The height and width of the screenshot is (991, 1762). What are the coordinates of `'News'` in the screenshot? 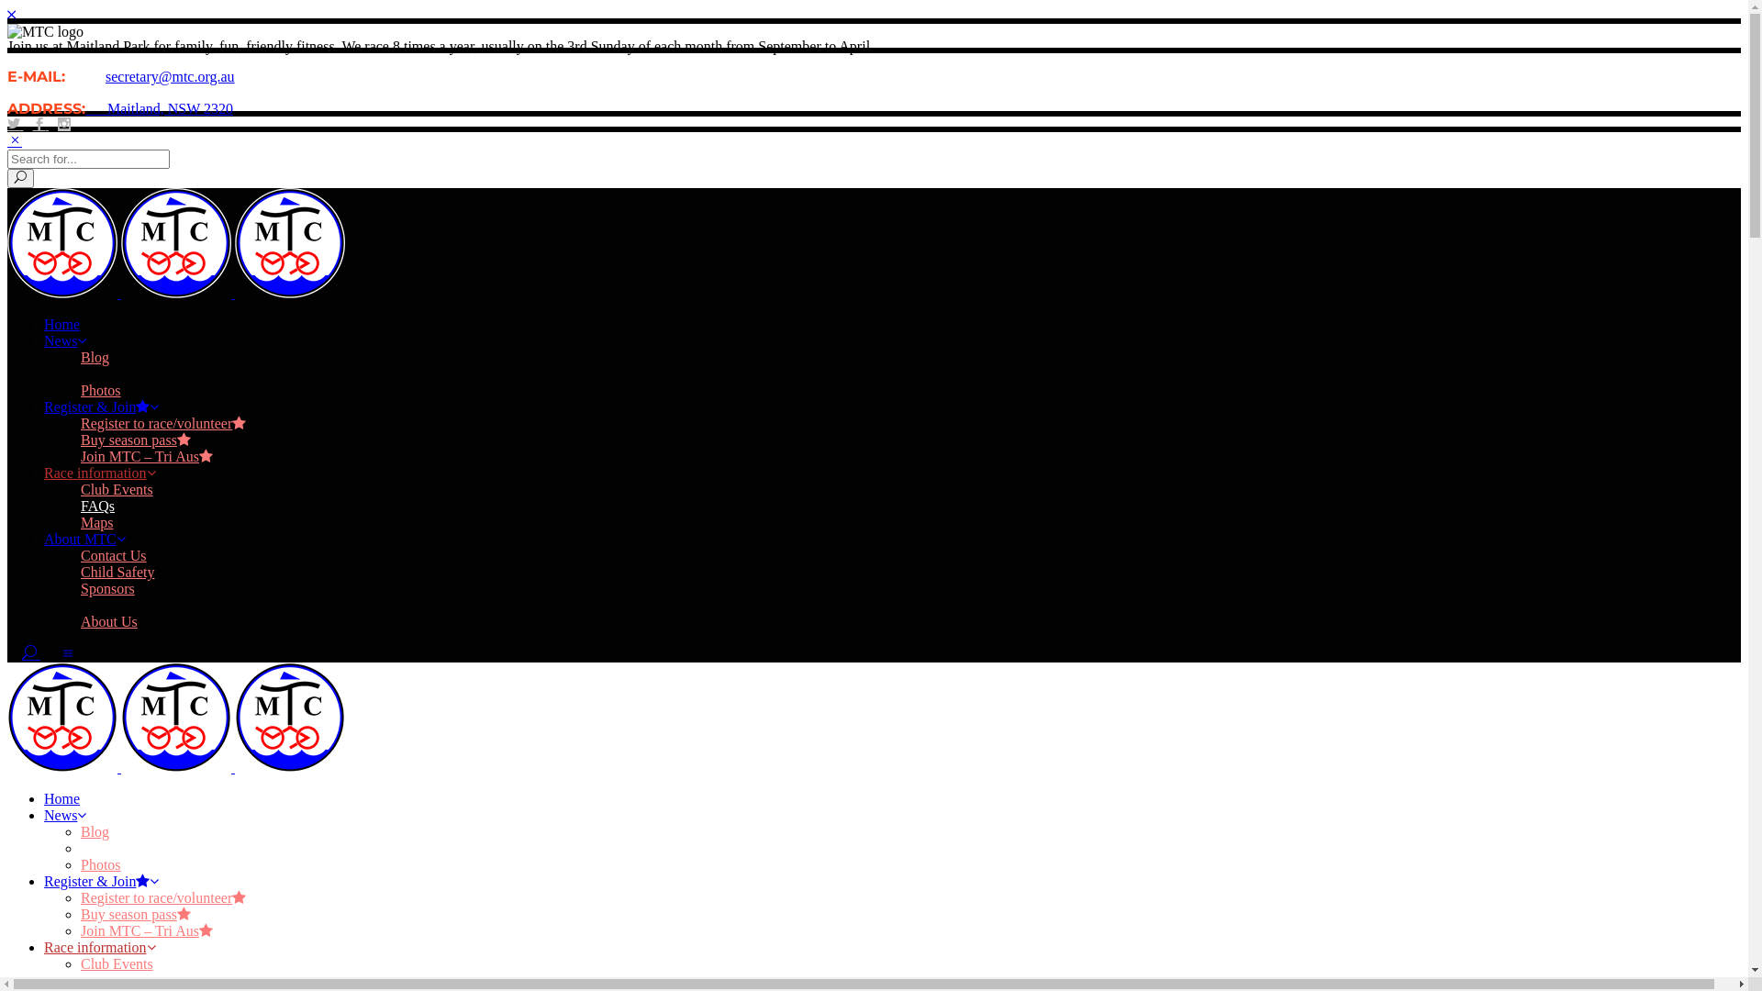 It's located at (44, 814).